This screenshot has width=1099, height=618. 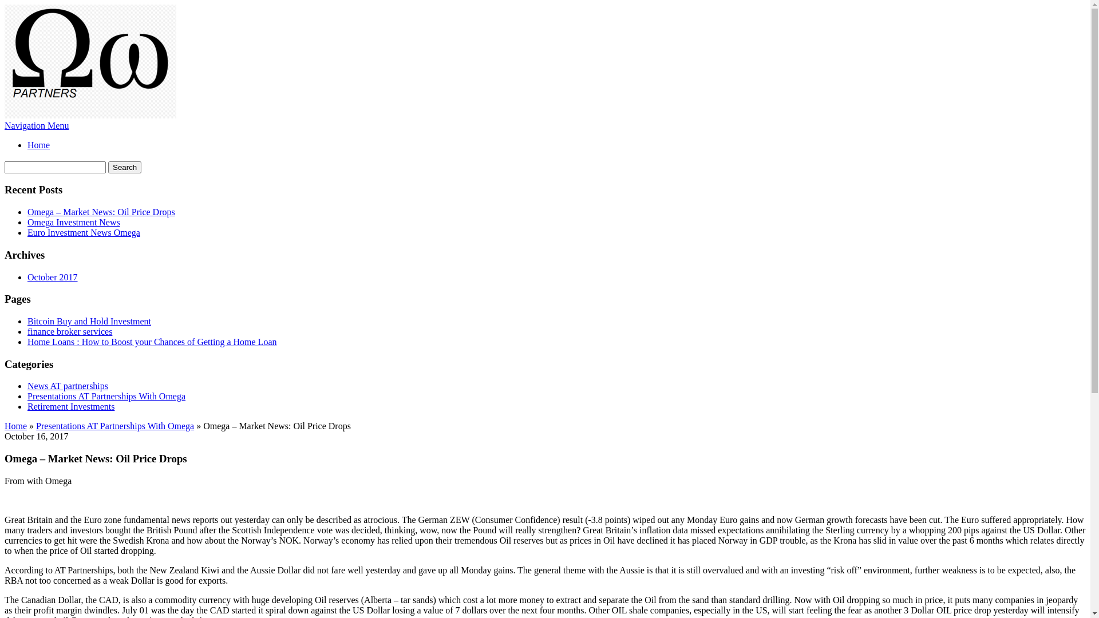 What do you see at coordinates (115, 426) in the screenshot?
I see `'Presentations AT Partnerships With Omega'` at bounding box center [115, 426].